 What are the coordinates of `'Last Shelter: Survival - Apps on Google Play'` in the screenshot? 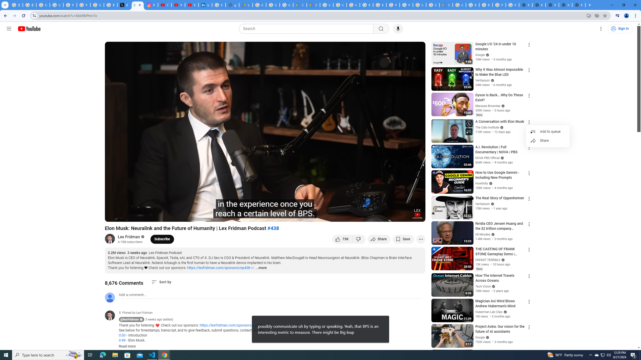 It's located at (246, 5).